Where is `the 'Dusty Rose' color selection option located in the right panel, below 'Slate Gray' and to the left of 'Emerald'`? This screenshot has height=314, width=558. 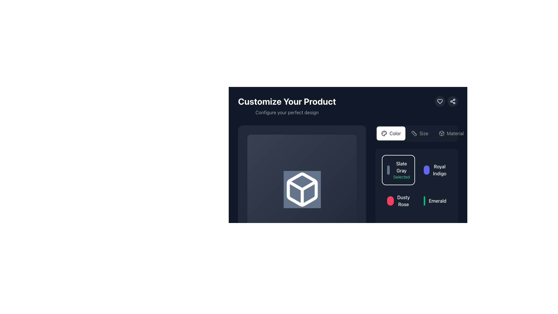 the 'Dusty Rose' color selection option located in the right panel, below 'Slate Gray' and to the left of 'Emerald' is located at coordinates (398, 200).